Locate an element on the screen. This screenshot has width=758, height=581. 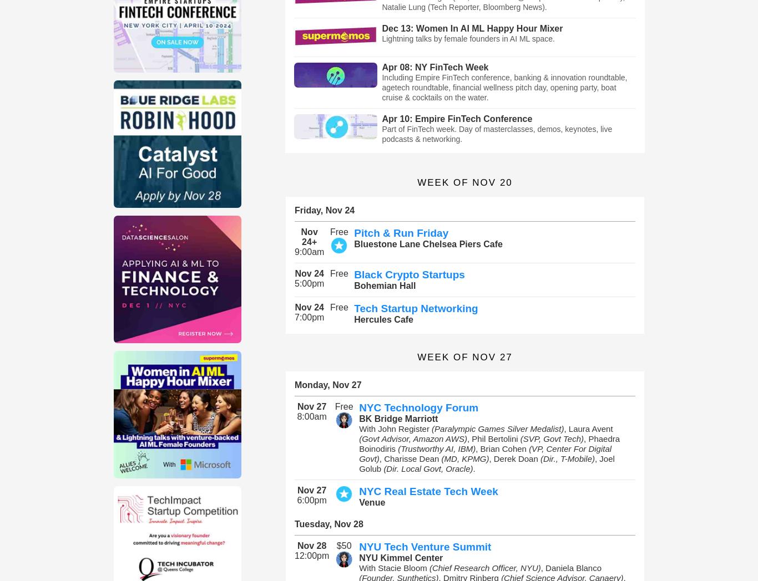
'6:00pm' is located at coordinates (311, 500).